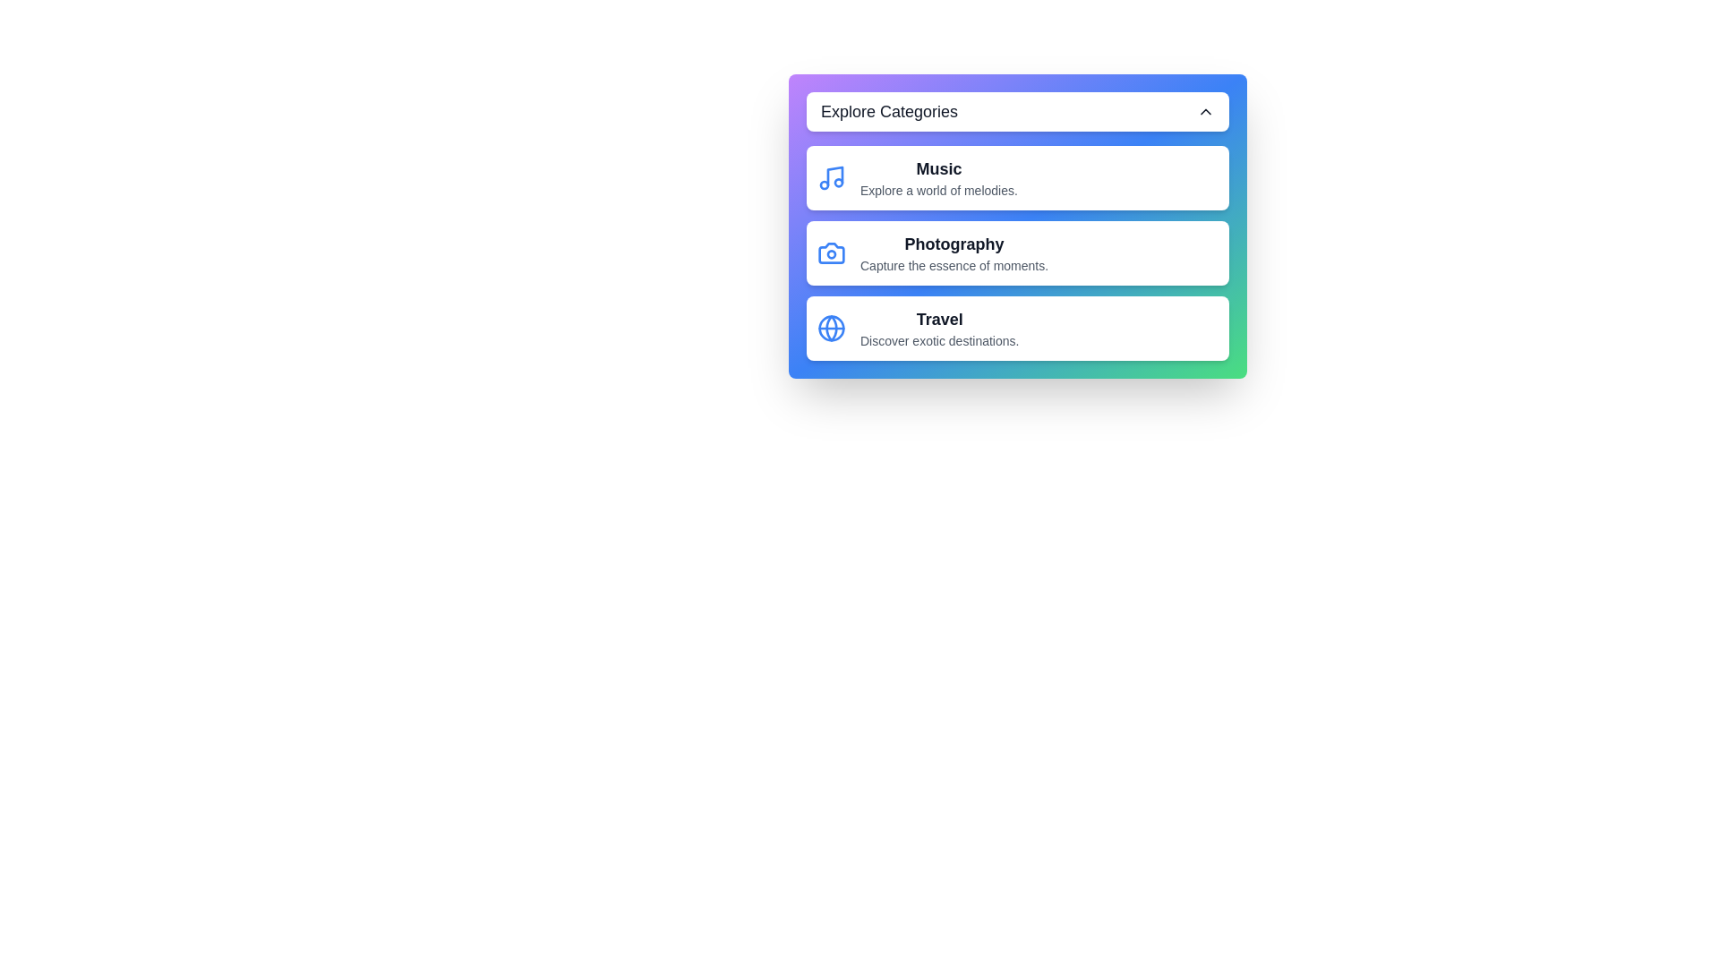  I want to click on the menu item Music, so click(1018, 178).